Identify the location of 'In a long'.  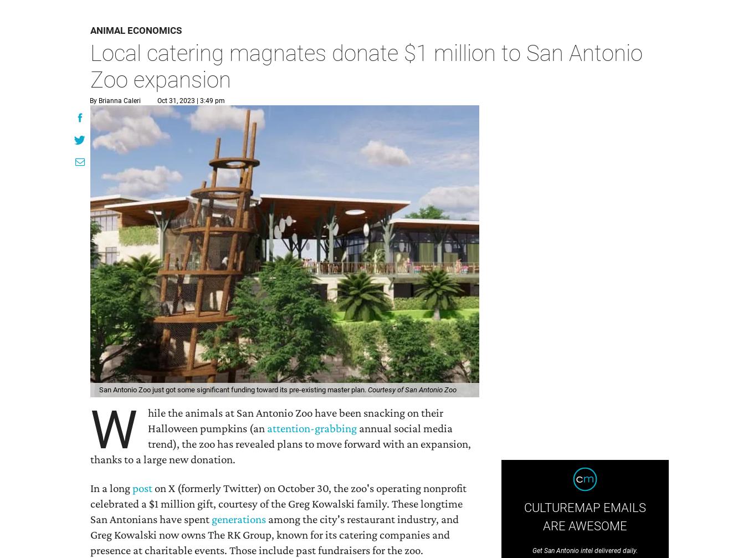
(90, 487).